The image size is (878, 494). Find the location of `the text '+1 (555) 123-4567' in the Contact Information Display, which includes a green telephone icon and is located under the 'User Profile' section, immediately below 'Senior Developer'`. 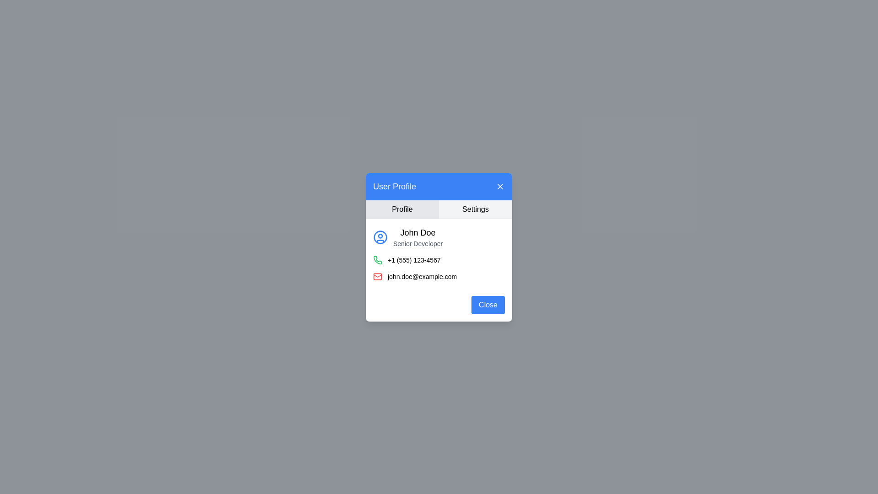

the text '+1 (555) 123-4567' in the Contact Information Display, which includes a green telephone icon and is located under the 'User Profile' section, immediately below 'Senior Developer' is located at coordinates (439, 259).